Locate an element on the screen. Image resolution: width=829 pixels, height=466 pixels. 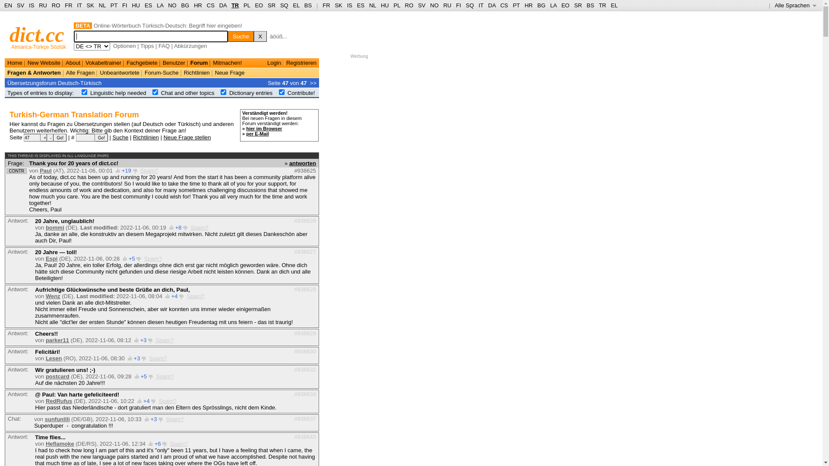
'SK' is located at coordinates (334, 5).